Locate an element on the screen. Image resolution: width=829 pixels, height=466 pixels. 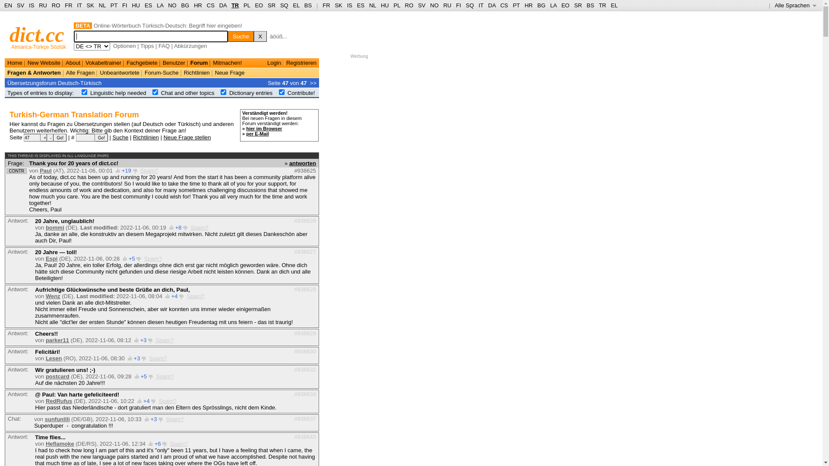
'SK' is located at coordinates (334, 5).